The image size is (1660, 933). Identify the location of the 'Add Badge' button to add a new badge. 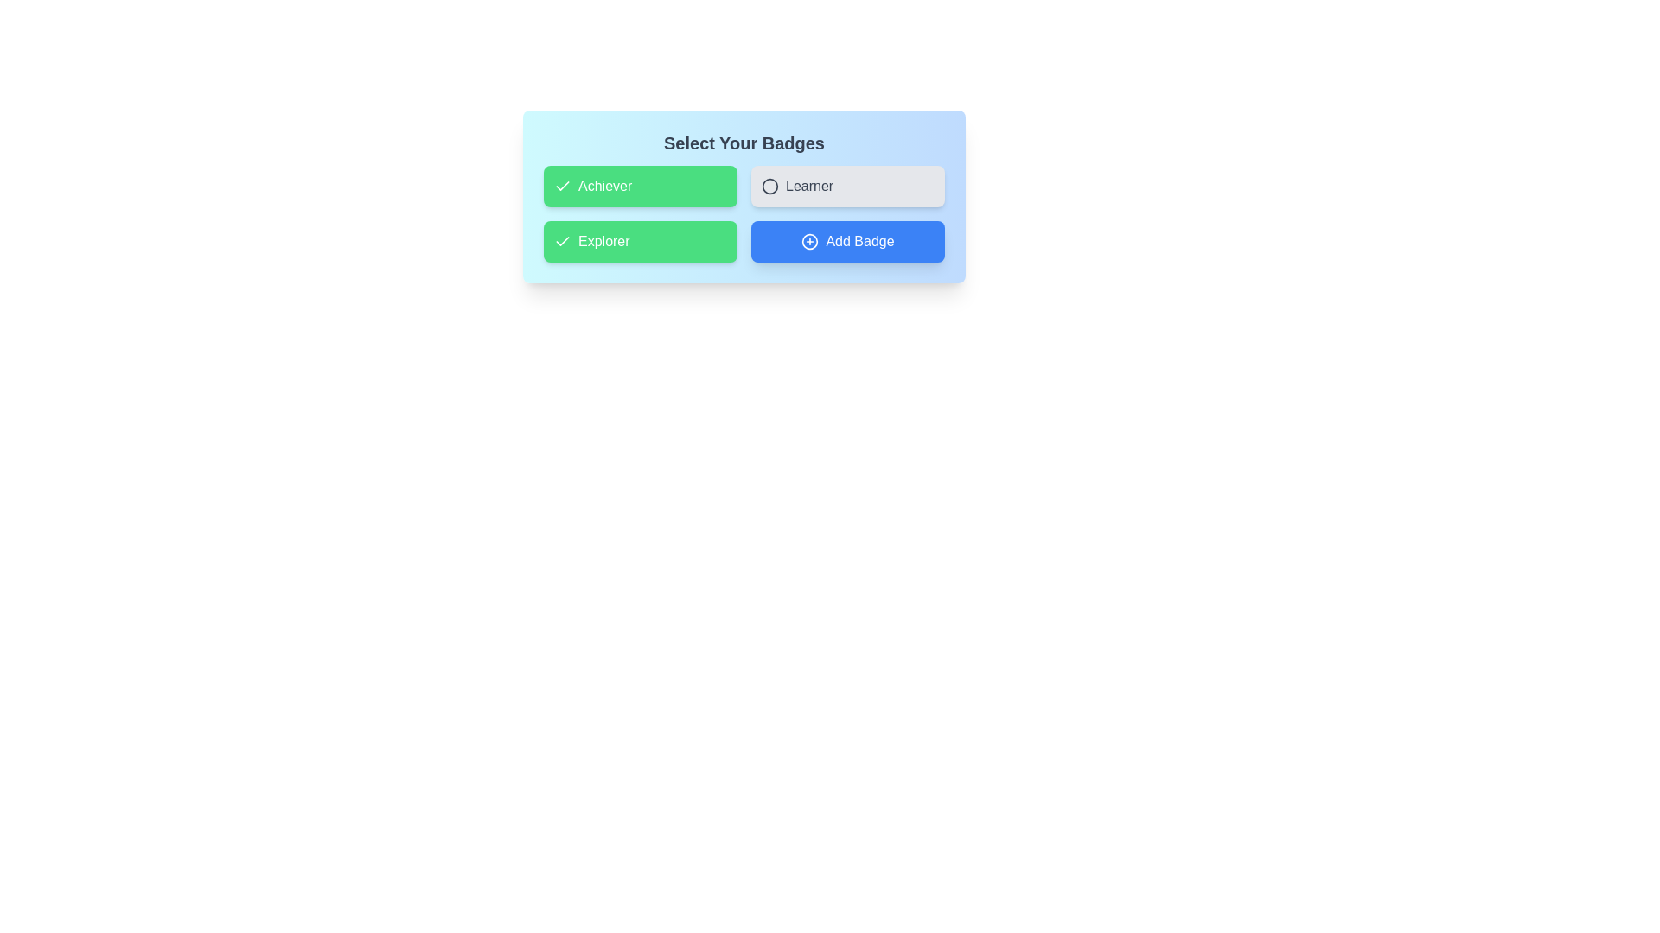
(847, 242).